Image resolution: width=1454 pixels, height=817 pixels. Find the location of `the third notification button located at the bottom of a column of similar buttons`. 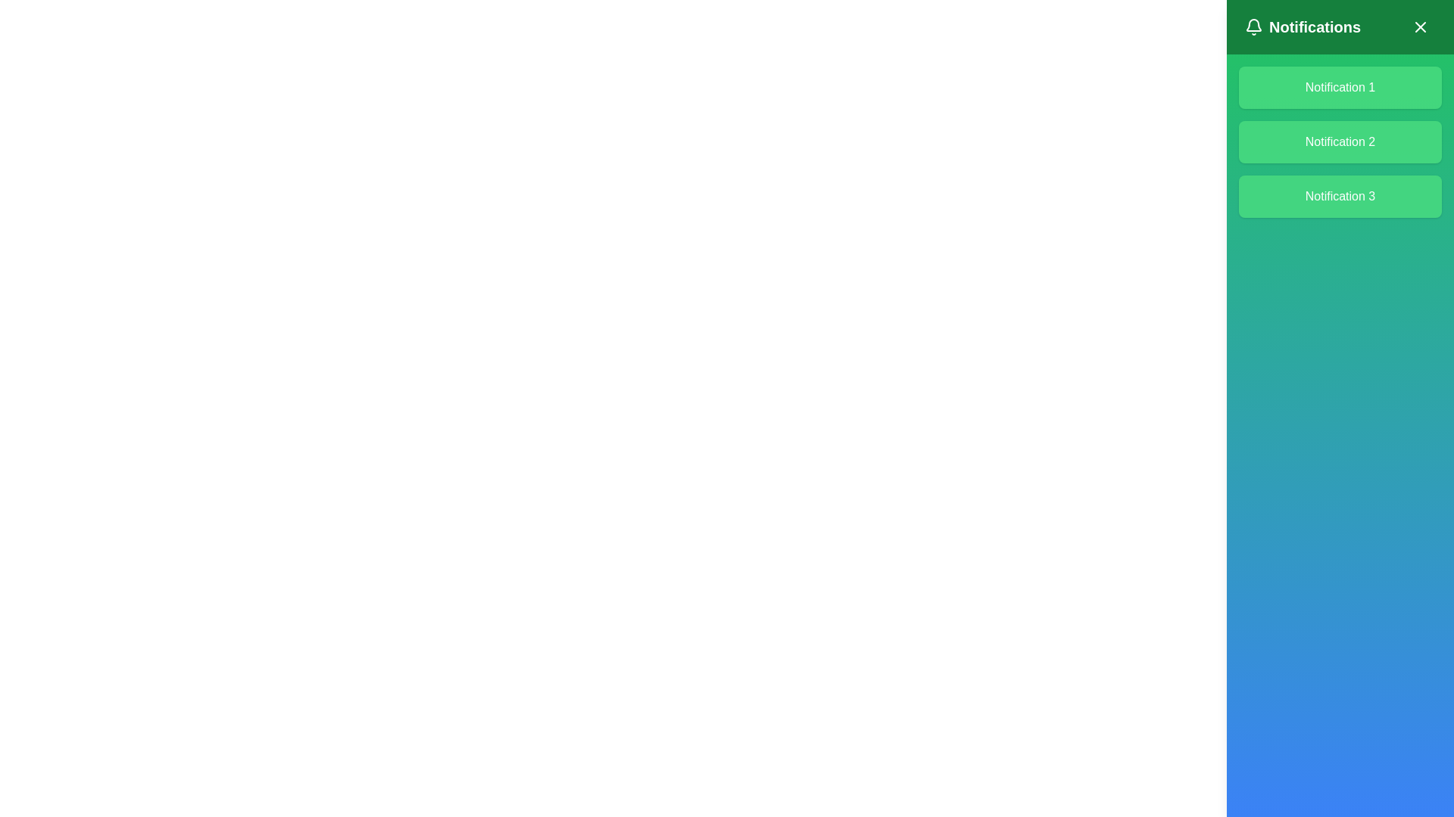

the third notification button located at the bottom of a column of similar buttons is located at coordinates (1340, 195).